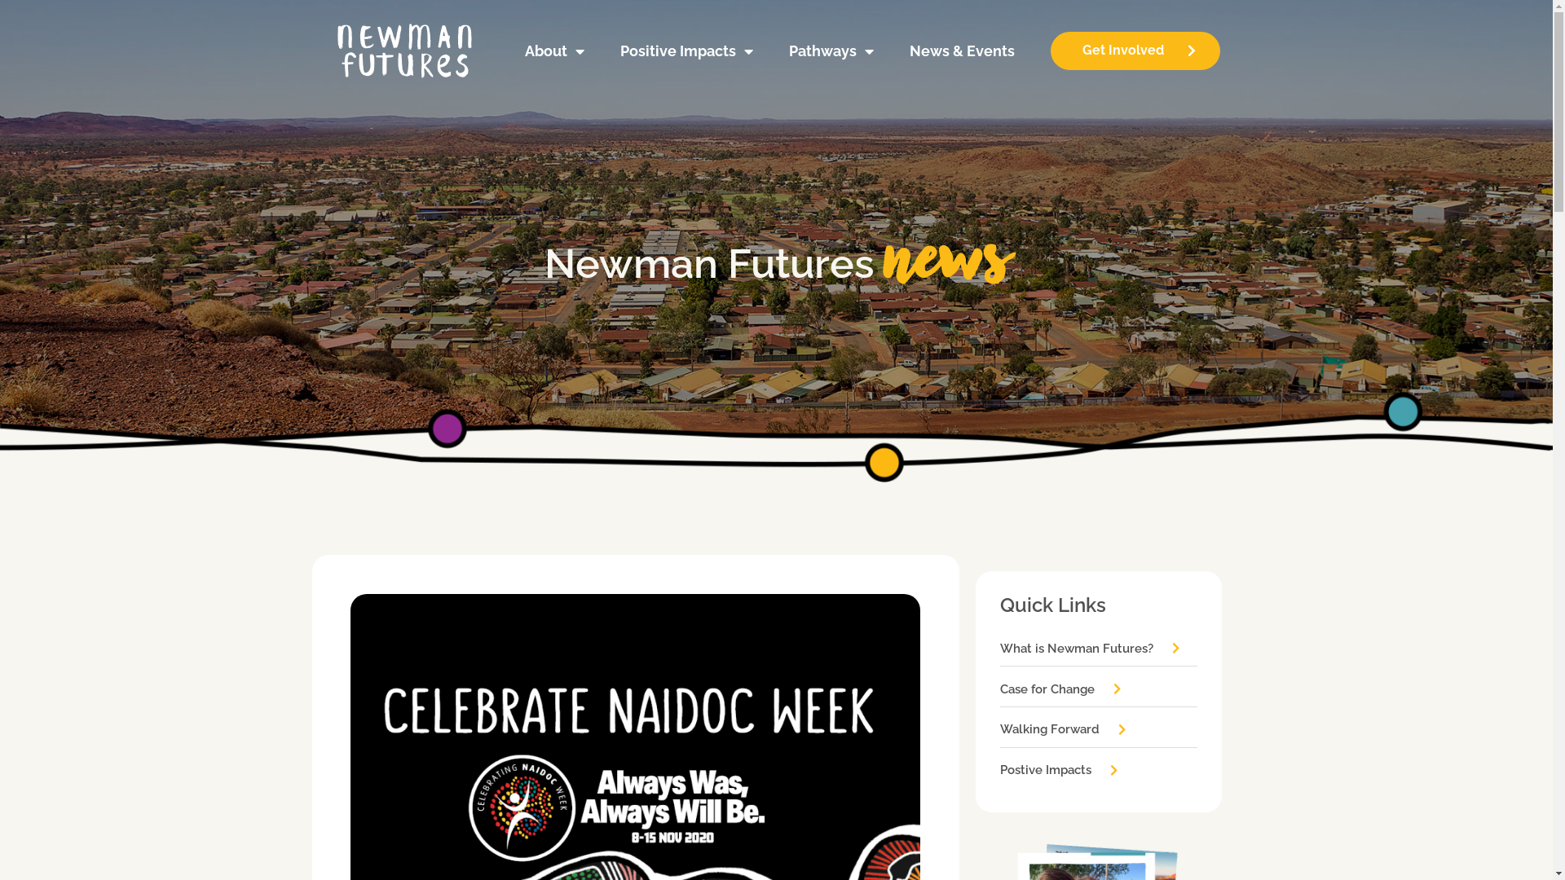  I want to click on 'Positive Impacts', so click(606, 50).